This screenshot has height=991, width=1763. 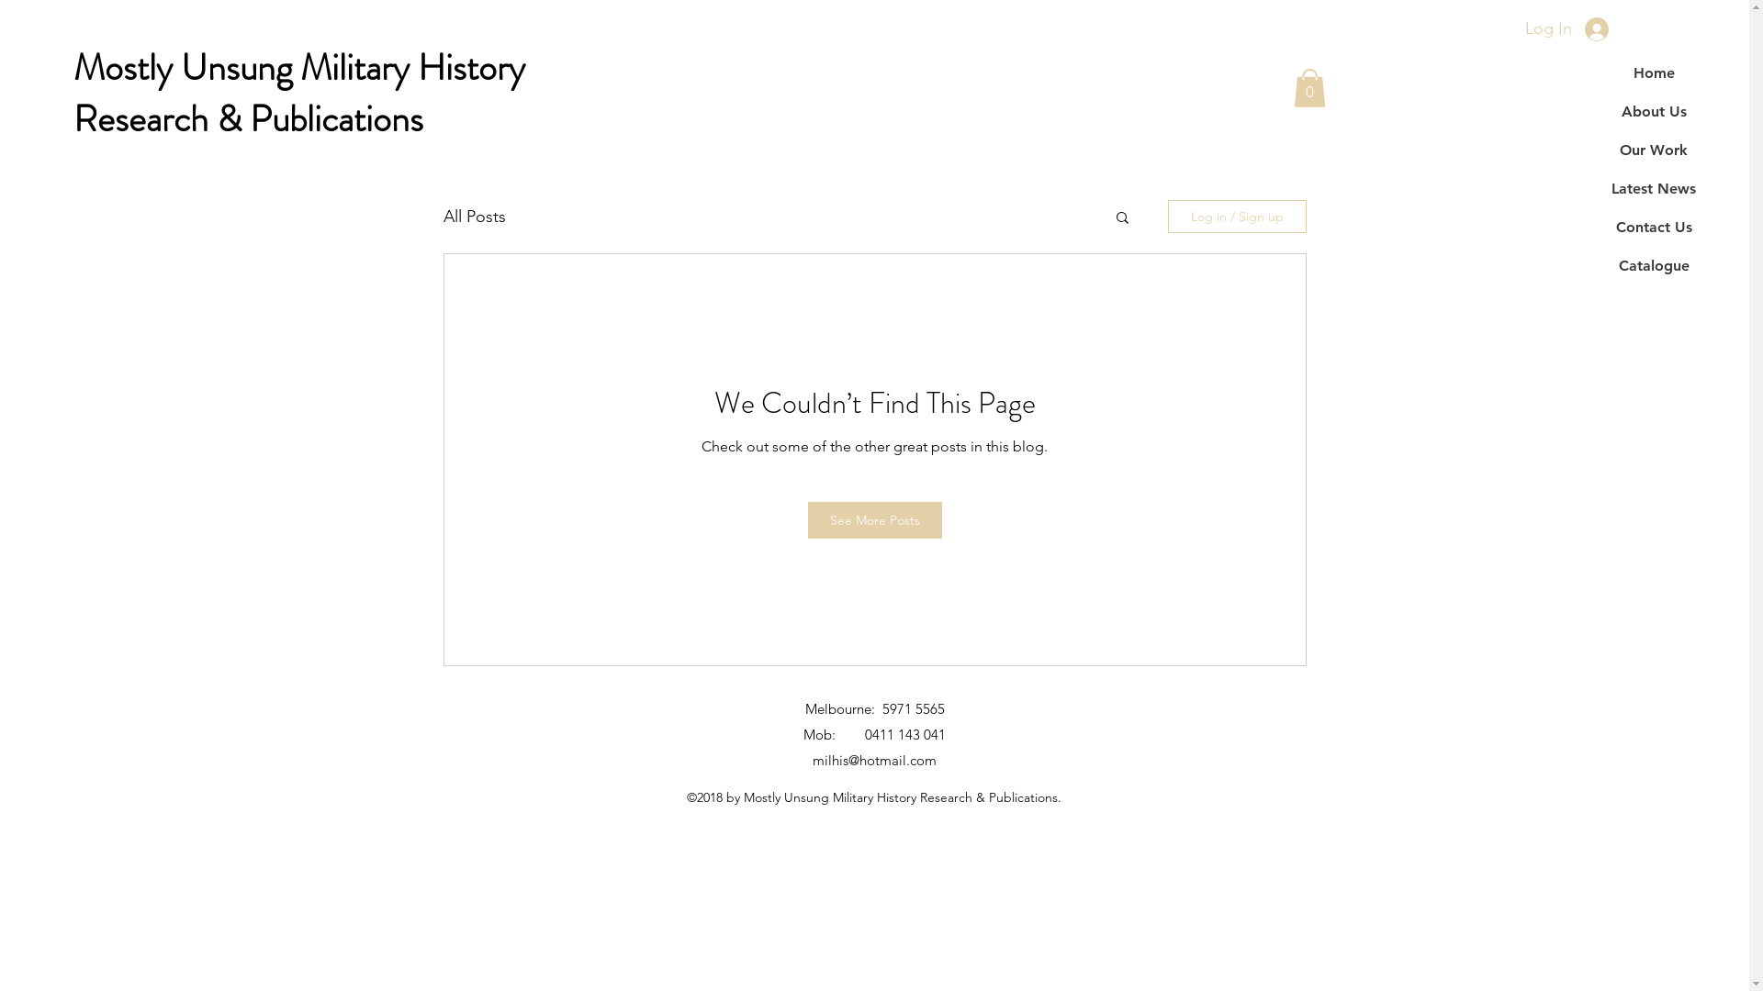 What do you see at coordinates (473, 215) in the screenshot?
I see `'All Posts'` at bounding box center [473, 215].